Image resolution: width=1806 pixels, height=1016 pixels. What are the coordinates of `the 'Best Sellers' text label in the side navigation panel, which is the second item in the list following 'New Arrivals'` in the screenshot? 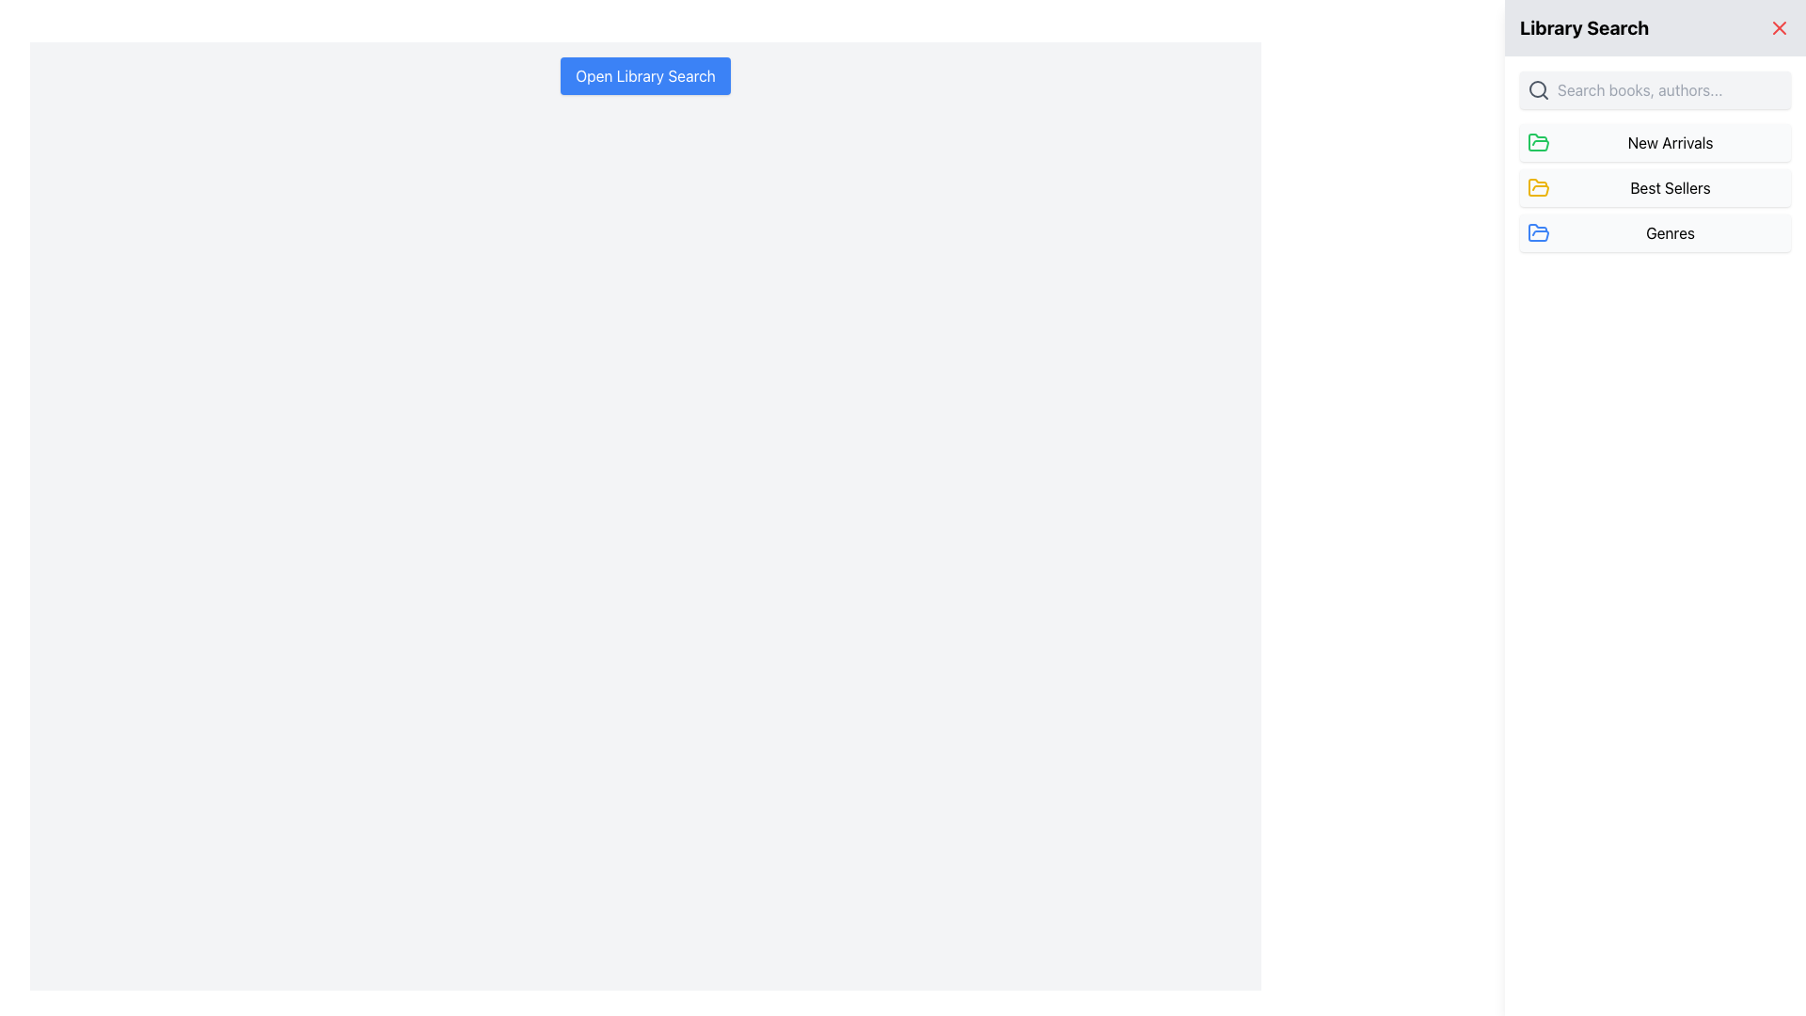 It's located at (1671, 188).